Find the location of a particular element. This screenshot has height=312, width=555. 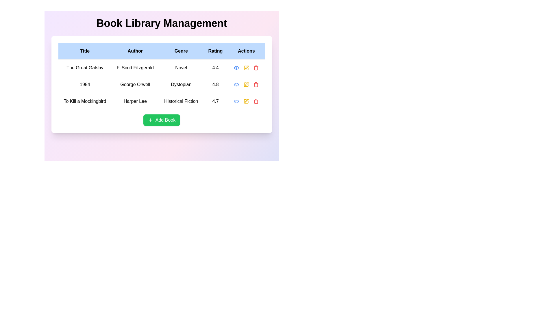

the text element displaying 'Novel' in black font, located under the 'Genre' header in the first row of the table is located at coordinates (181, 67).